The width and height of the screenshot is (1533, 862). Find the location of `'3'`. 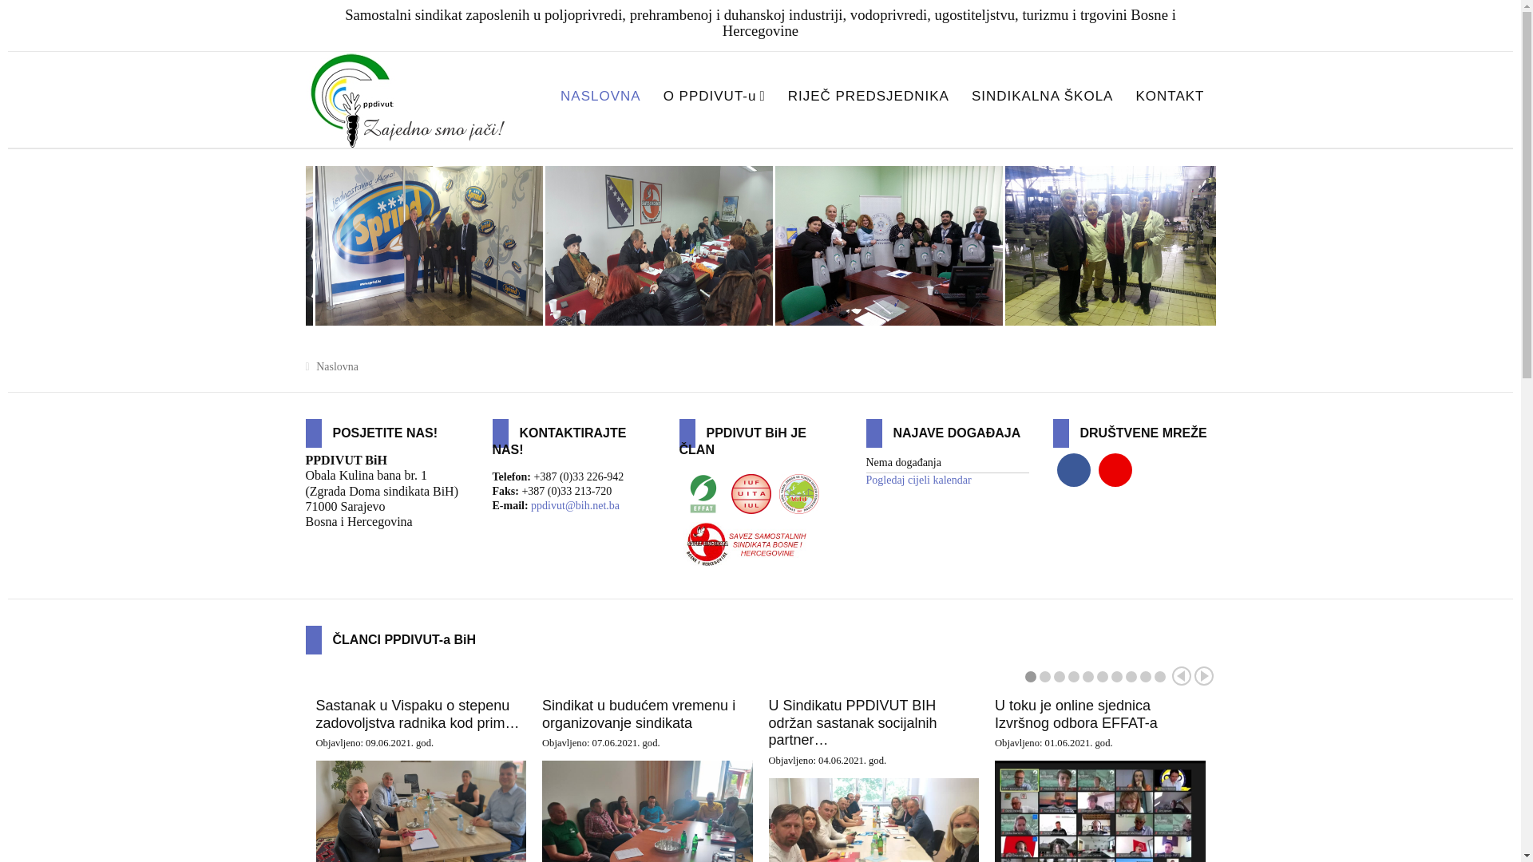

'3' is located at coordinates (1059, 677).